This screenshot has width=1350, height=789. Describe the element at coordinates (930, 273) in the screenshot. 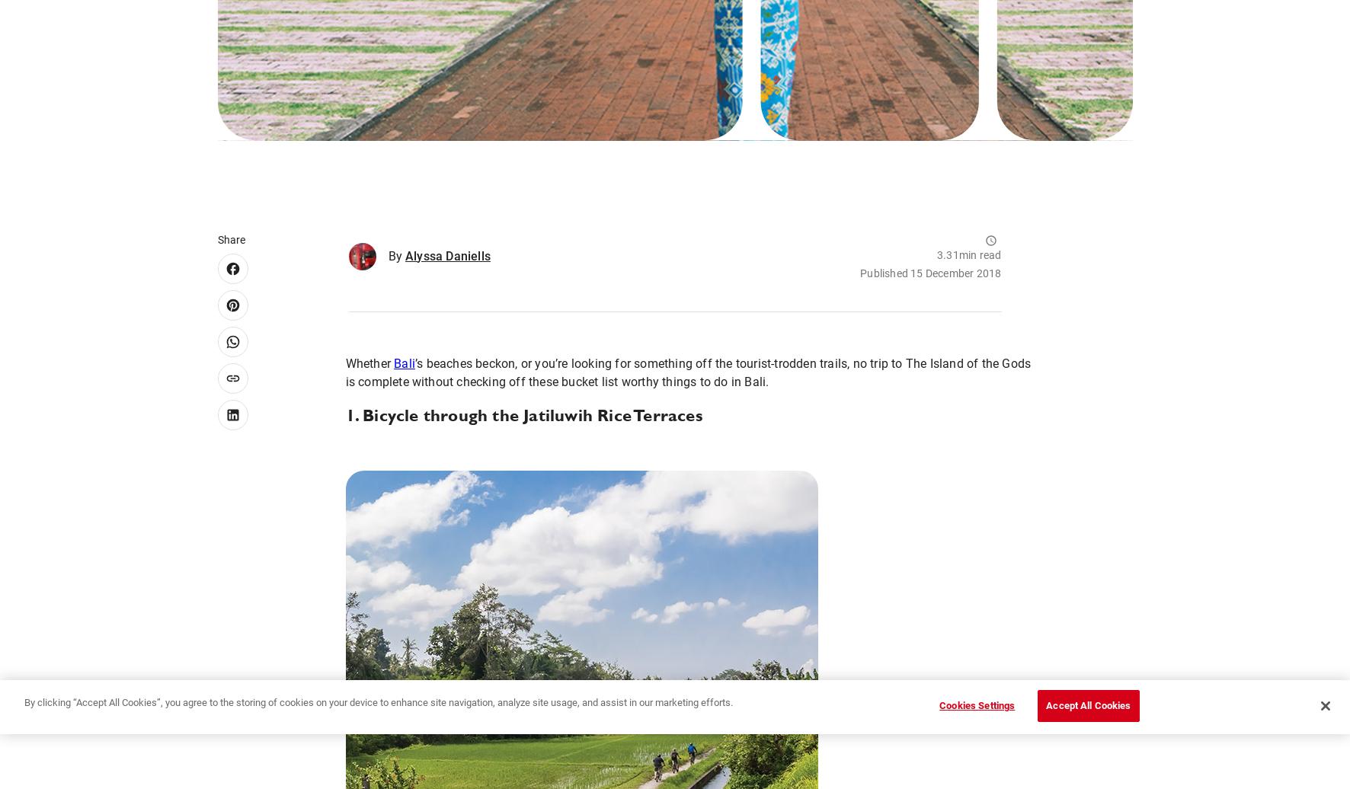

I see `'Published 15 December 2018'` at that location.